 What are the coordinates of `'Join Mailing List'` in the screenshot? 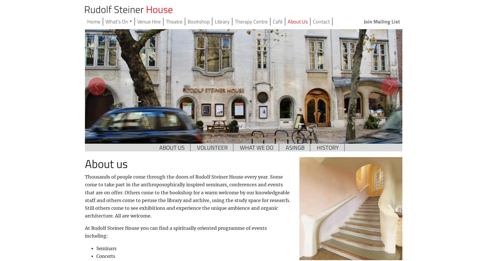 It's located at (381, 21).